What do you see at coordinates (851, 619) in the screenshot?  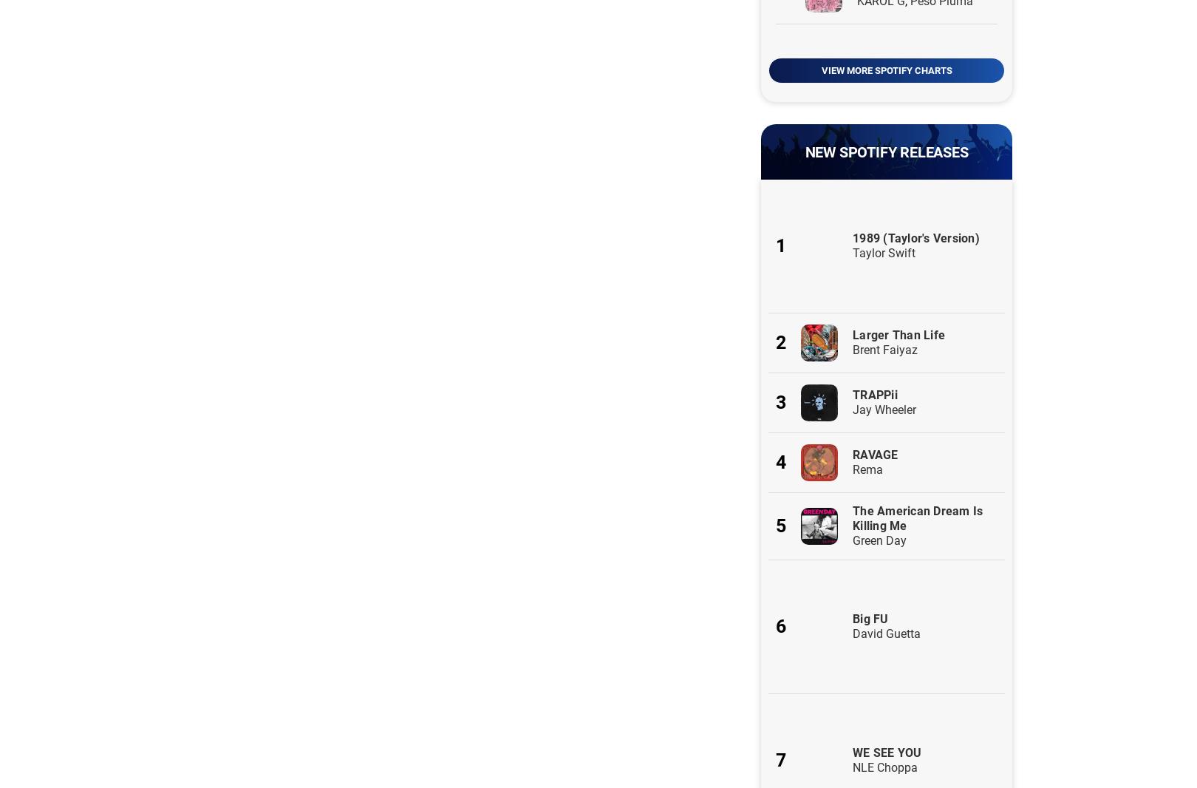 I see `'Big FU'` at bounding box center [851, 619].